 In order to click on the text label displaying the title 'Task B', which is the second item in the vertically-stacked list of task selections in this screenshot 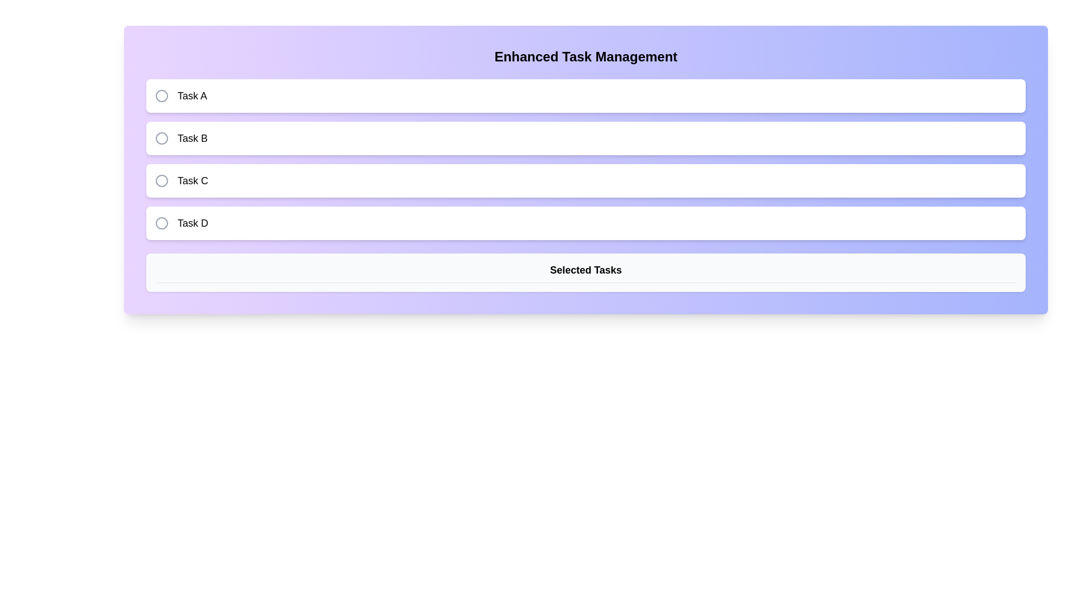, I will do `click(193, 137)`.